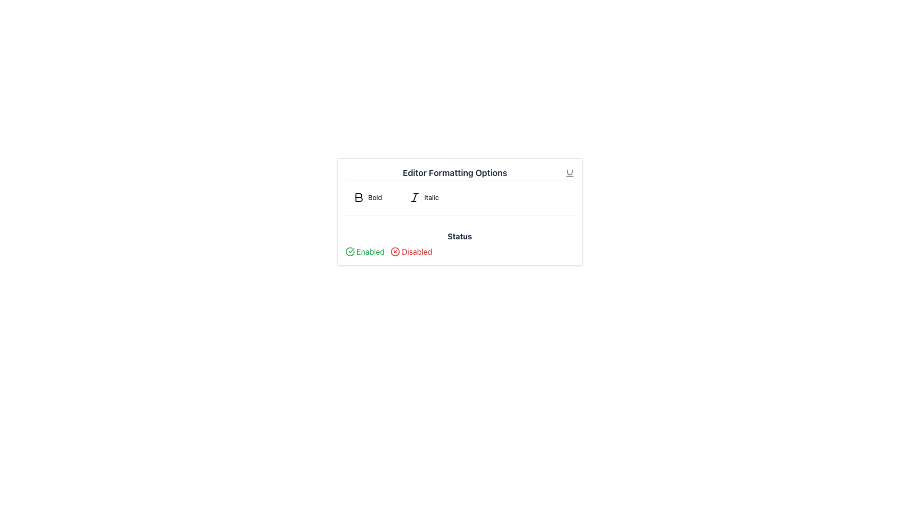 The width and height of the screenshot is (921, 518). I want to click on status information from the 'Status' section located in the 'Editor Formatting Options' card, which includes the options 'Enabled' and 'Disabled', so click(459, 244).